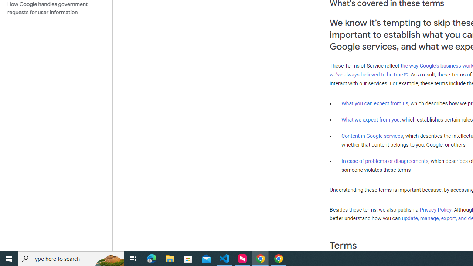 This screenshot has height=266, width=473. Describe the element at coordinates (379, 46) in the screenshot. I see `'services'` at that location.